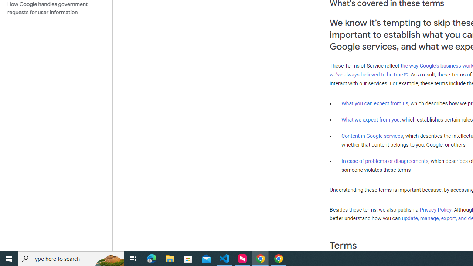 This screenshot has height=266, width=473. Describe the element at coordinates (379, 46) in the screenshot. I see `'services'` at that location.